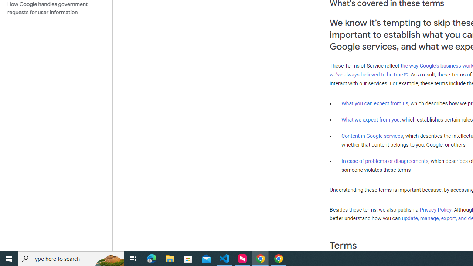 This screenshot has height=266, width=473. Describe the element at coordinates (379, 46) in the screenshot. I see `'services'` at that location.